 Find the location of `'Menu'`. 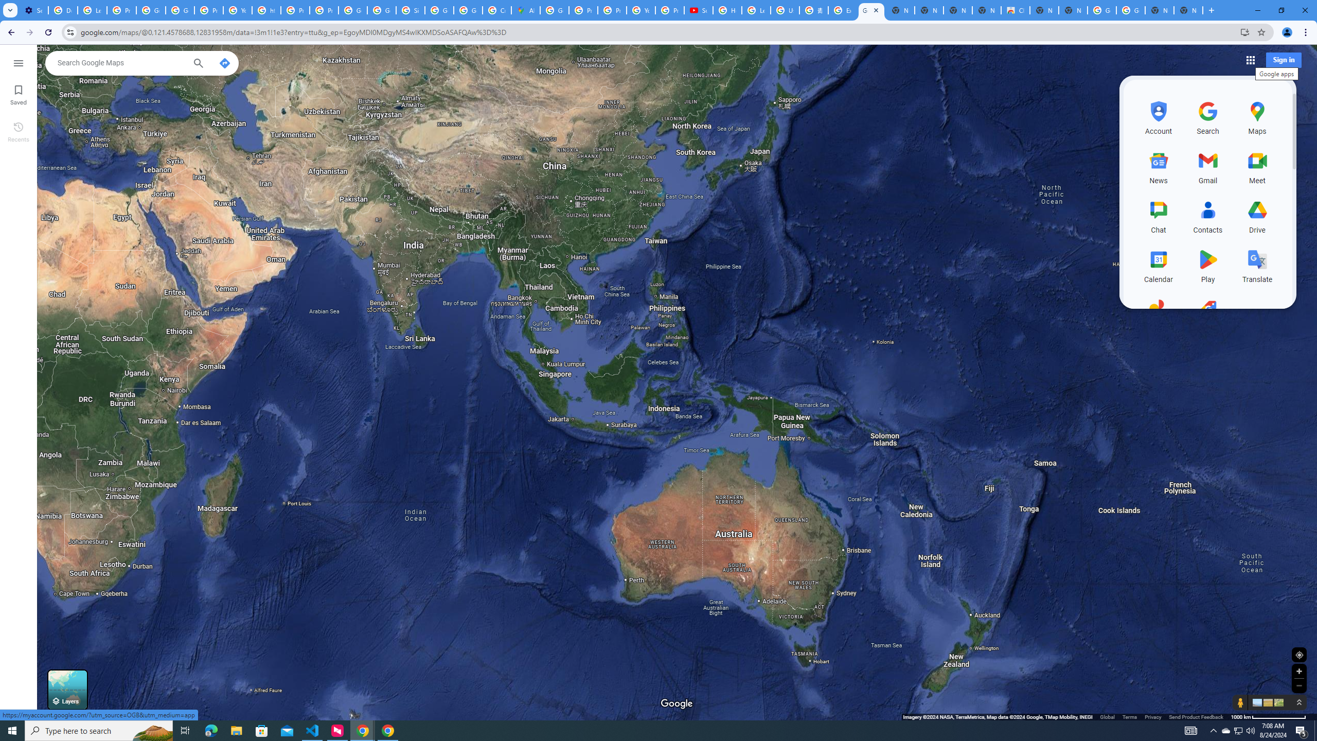

'Menu' is located at coordinates (17, 62).